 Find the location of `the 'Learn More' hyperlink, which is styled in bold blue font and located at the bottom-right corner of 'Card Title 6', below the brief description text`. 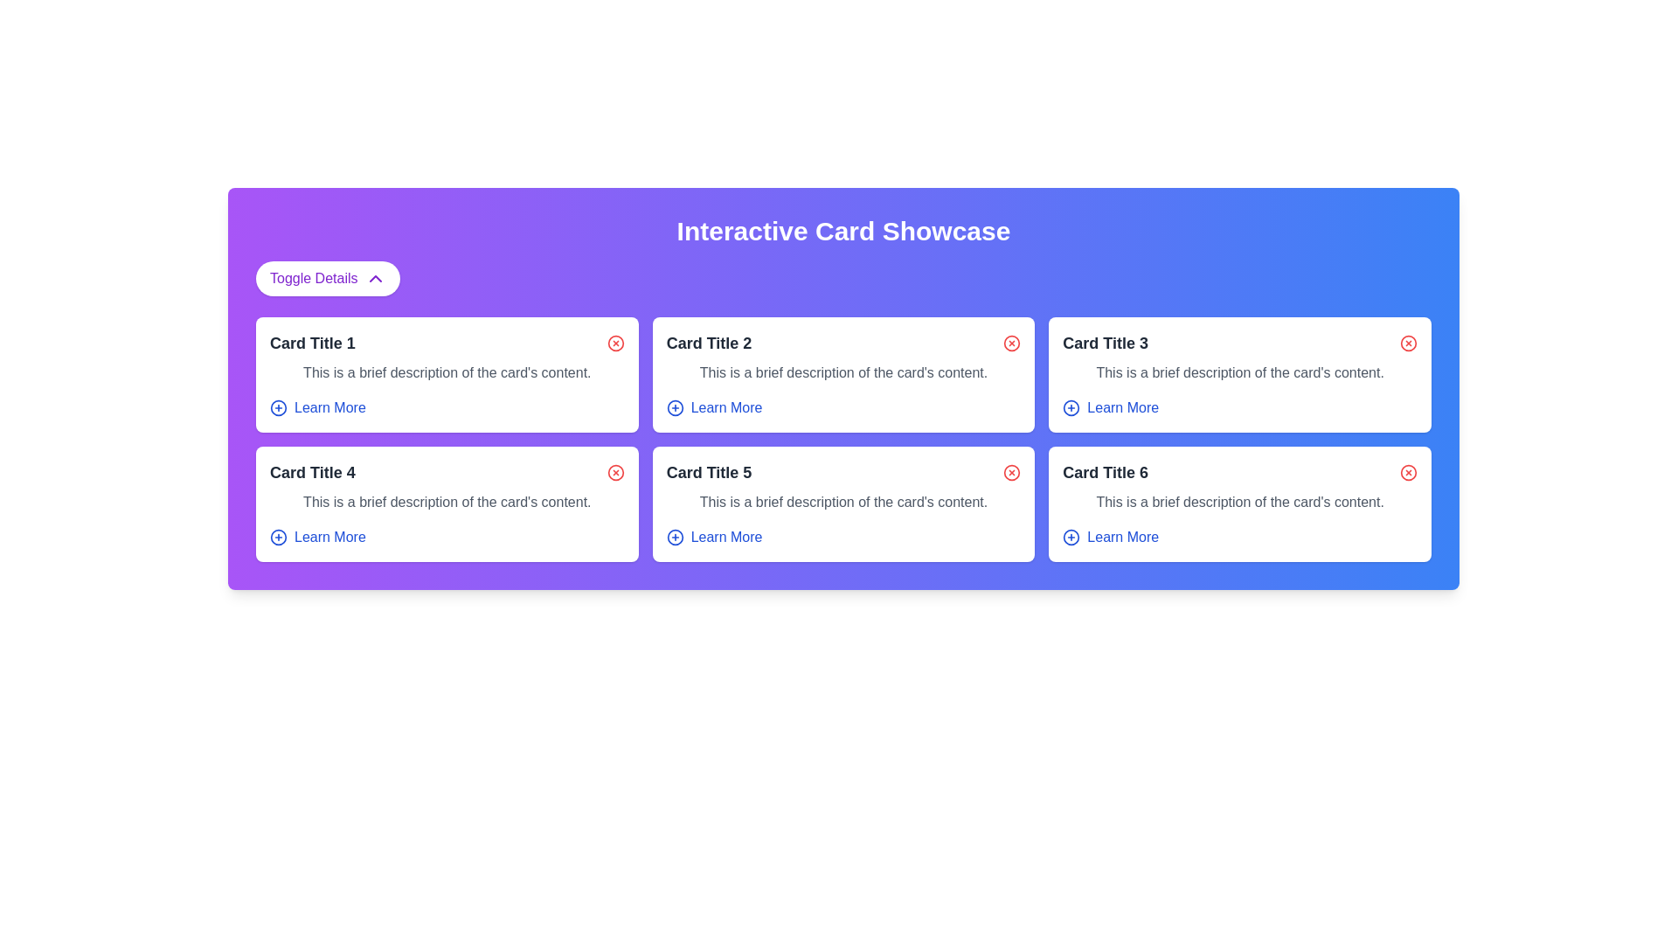

the 'Learn More' hyperlink, which is styled in bold blue font and located at the bottom-right corner of 'Card Title 6', below the brief description text is located at coordinates (1110, 536).